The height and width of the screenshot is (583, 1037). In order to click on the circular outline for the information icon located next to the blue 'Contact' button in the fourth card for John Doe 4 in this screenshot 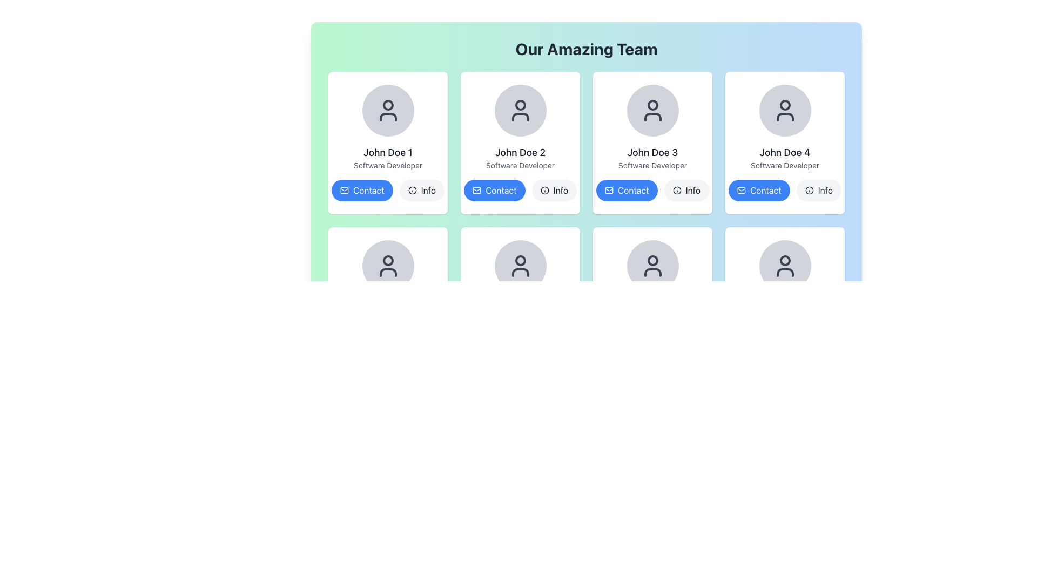, I will do `click(809, 190)`.